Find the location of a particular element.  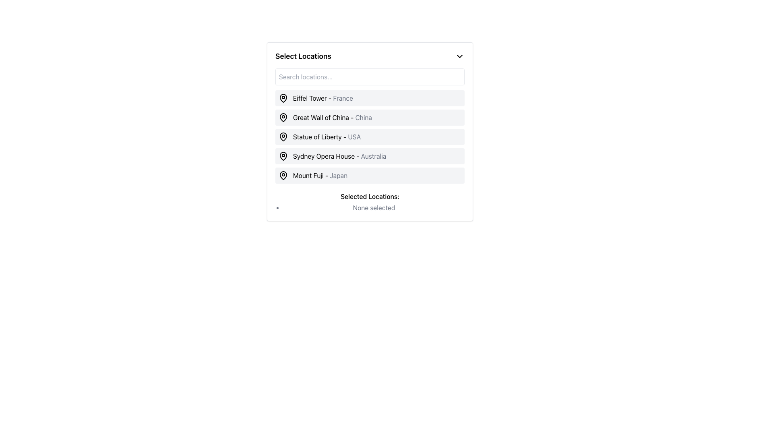

the selectable list item labeled 'Eiffel Tower - France' which is the first item under the 'Select Locations' heading is located at coordinates (315, 97).